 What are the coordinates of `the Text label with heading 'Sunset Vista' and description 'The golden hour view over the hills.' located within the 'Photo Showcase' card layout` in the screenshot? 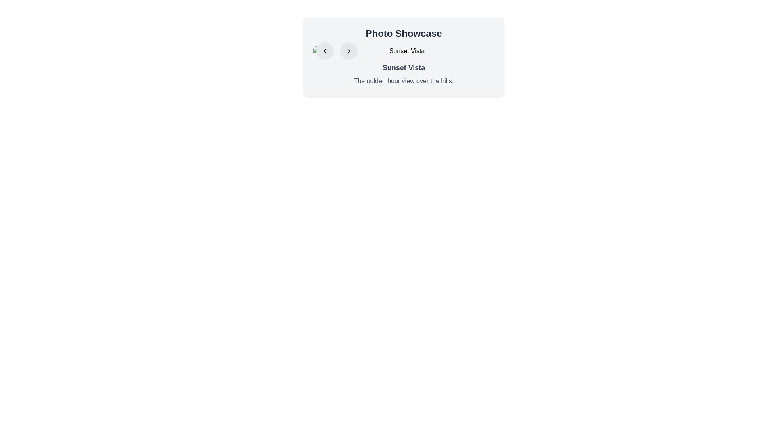 It's located at (404, 74).